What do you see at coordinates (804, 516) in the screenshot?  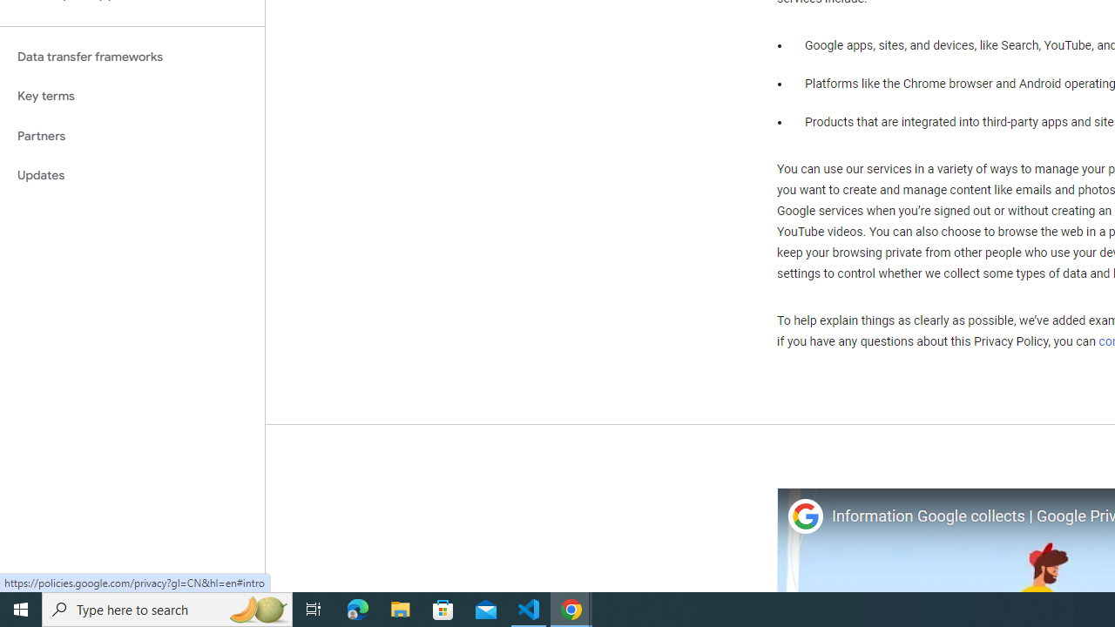 I see `'Photo image of Google'` at bounding box center [804, 516].